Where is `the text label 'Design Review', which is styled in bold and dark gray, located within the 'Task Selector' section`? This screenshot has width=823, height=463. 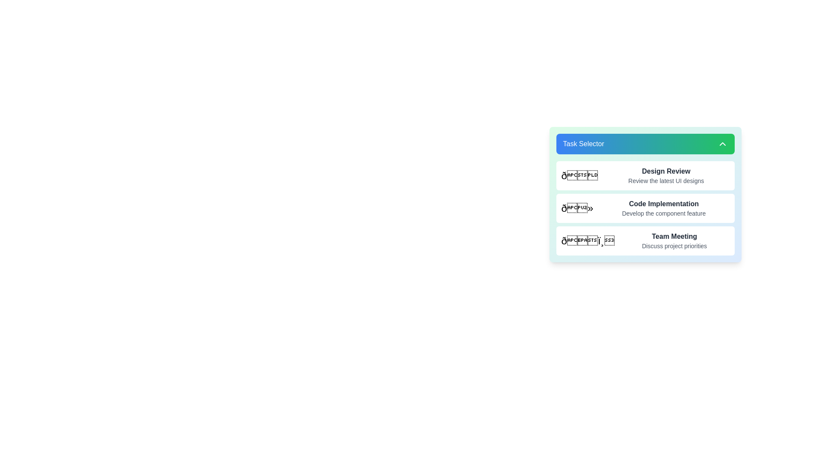
the text label 'Design Review', which is styled in bold and dark gray, located within the 'Task Selector' section is located at coordinates (666, 171).